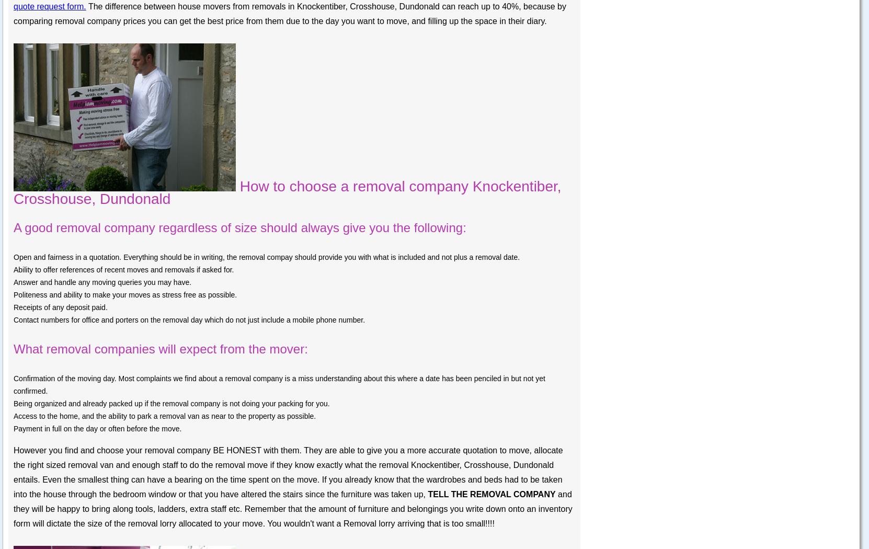 The image size is (869, 549). I want to click on 'Open and fairness in a quotation. Everything should be in writing, the removal compay should provide you with what is included and not plus a removal date.', so click(266, 257).